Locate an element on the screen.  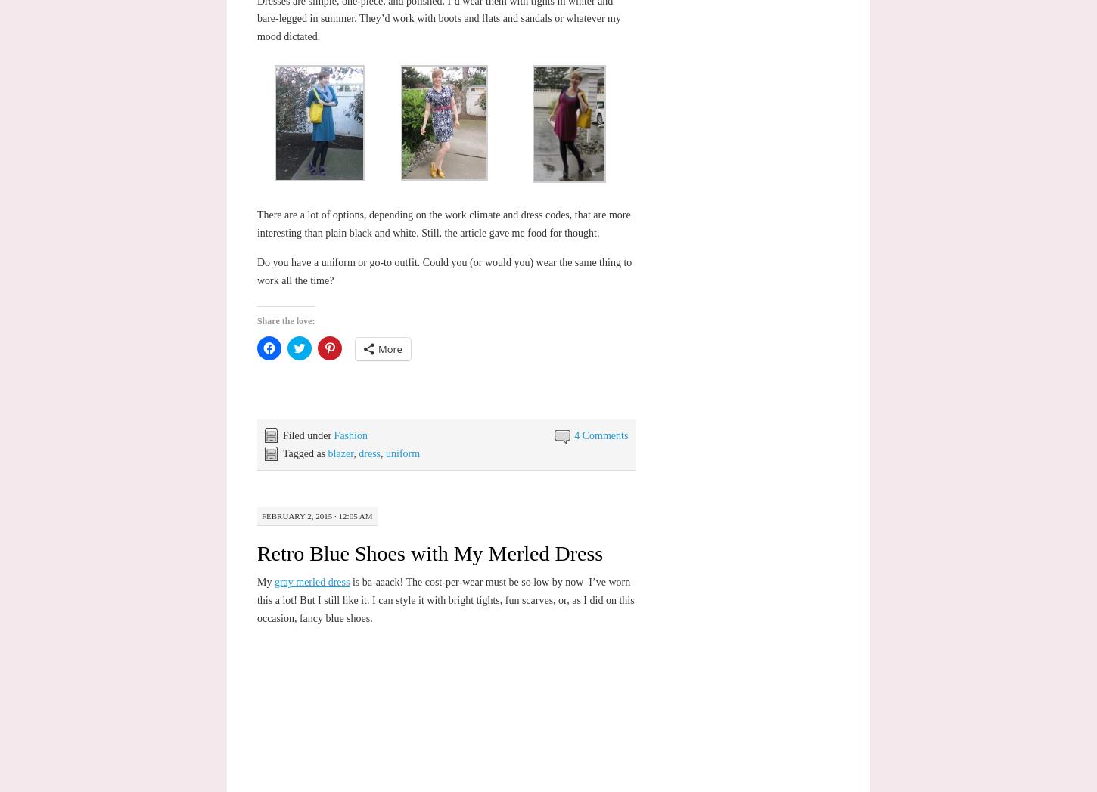
'is ba-aaack! The cost-per-wear must be so low by now–I’ve worn this a lot! But I still like it. I can style it with bright tights, fun scarves, or, as I did on this occasion, fancy blue shoes.' is located at coordinates (445, 599).